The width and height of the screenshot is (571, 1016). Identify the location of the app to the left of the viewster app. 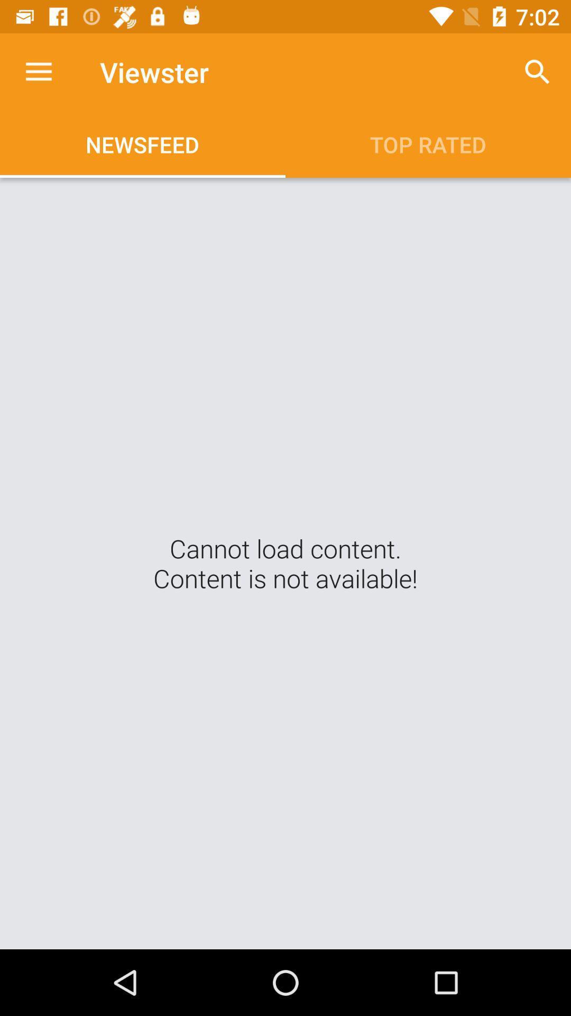
(38, 71).